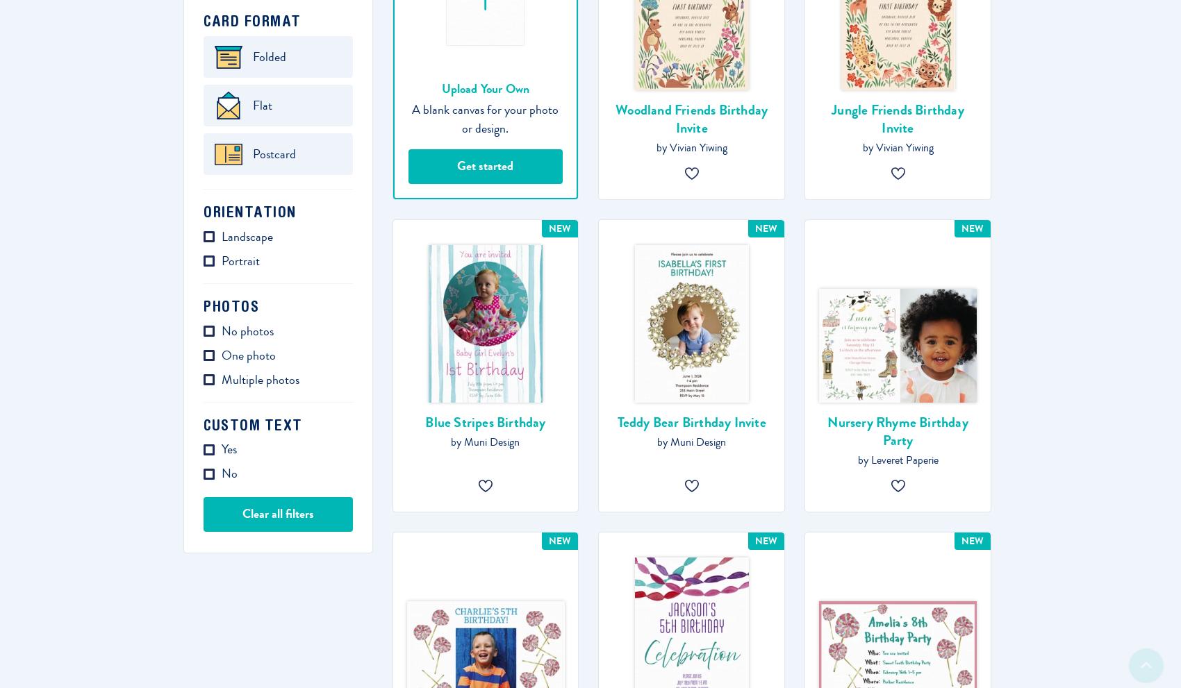 This screenshot has height=688, width=1181. Describe the element at coordinates (249, 211) in the screenshot. I see `'Orientation'` at that location.